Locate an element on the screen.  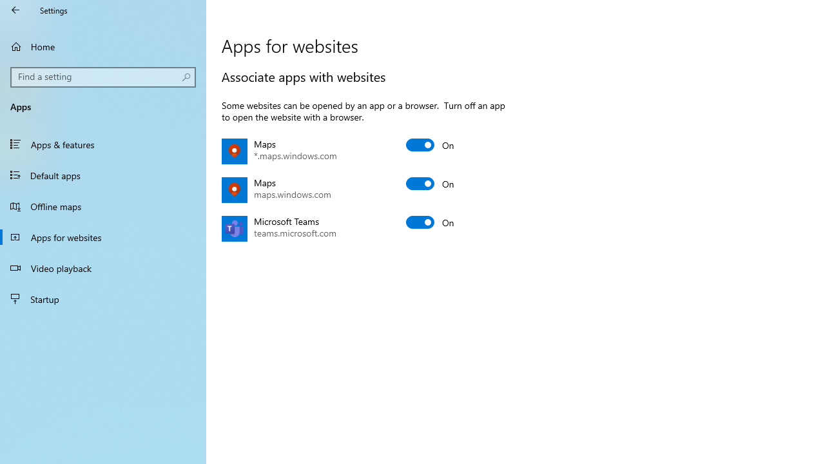
'Home' is located at coordinates (103, 46).